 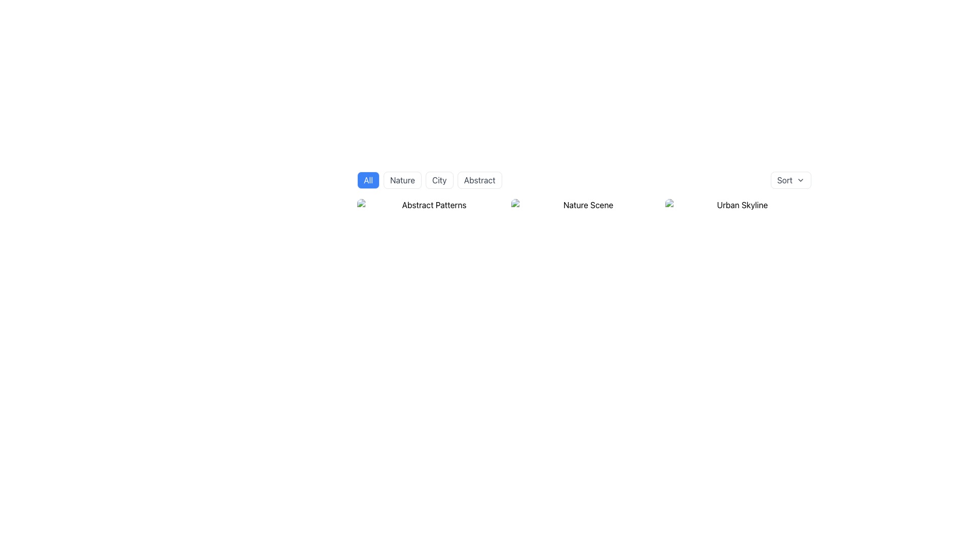 What do you see at coordinates (584, 205) in the screenshot?
I see `the Thumbnail item labeled 'Nature Scene', which is the second item in a horizontal grid arrangement, positioned between 'Abstract Patterns' and 'Urban Skyline'` at bounding box center [584, 205].